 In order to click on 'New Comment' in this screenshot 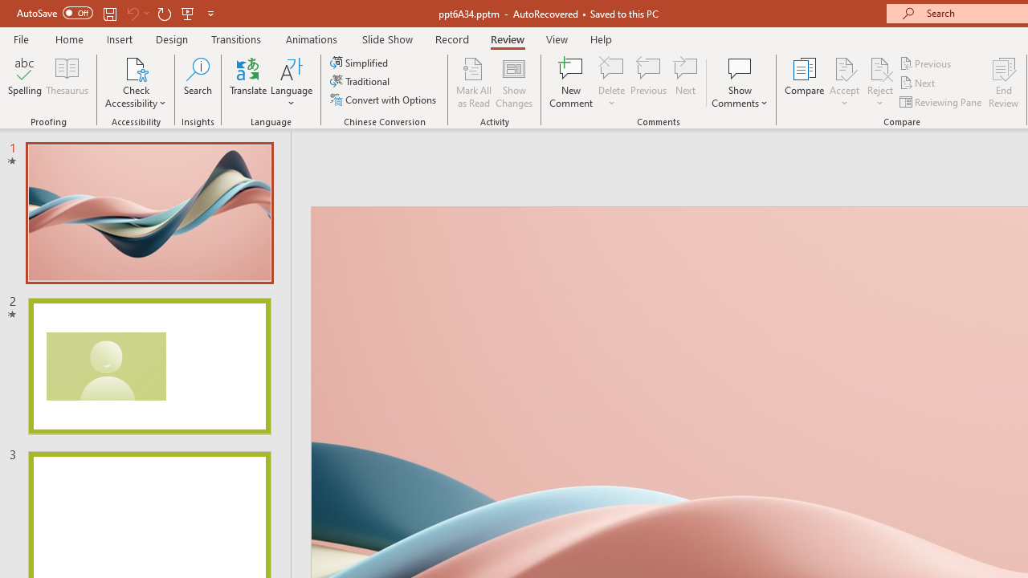, I will do `click(571, 83)`.